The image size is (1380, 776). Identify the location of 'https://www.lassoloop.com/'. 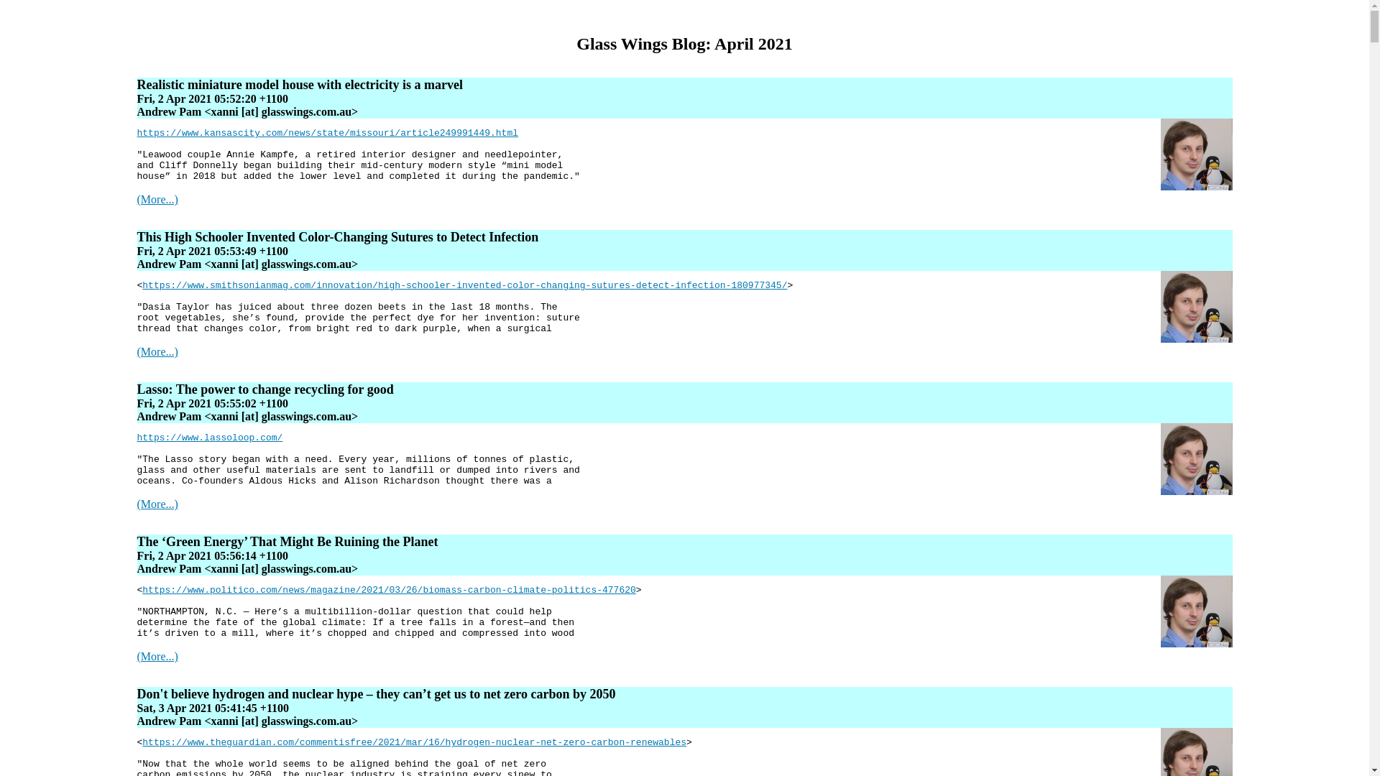
(208, 437).